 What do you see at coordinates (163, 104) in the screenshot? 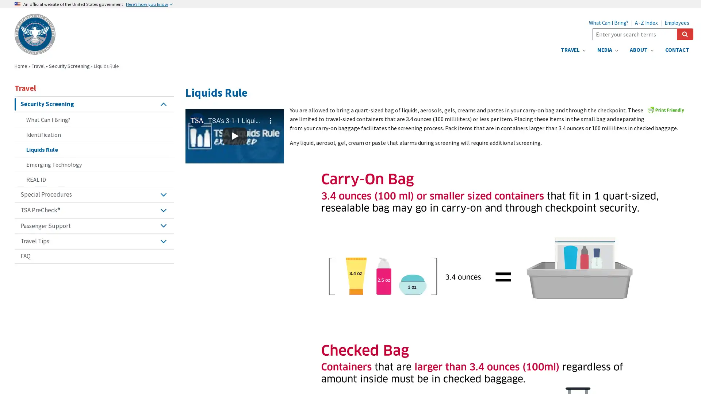
I see `Toggle submenu for 'Security Screening'` at bounding box center [163, 104].